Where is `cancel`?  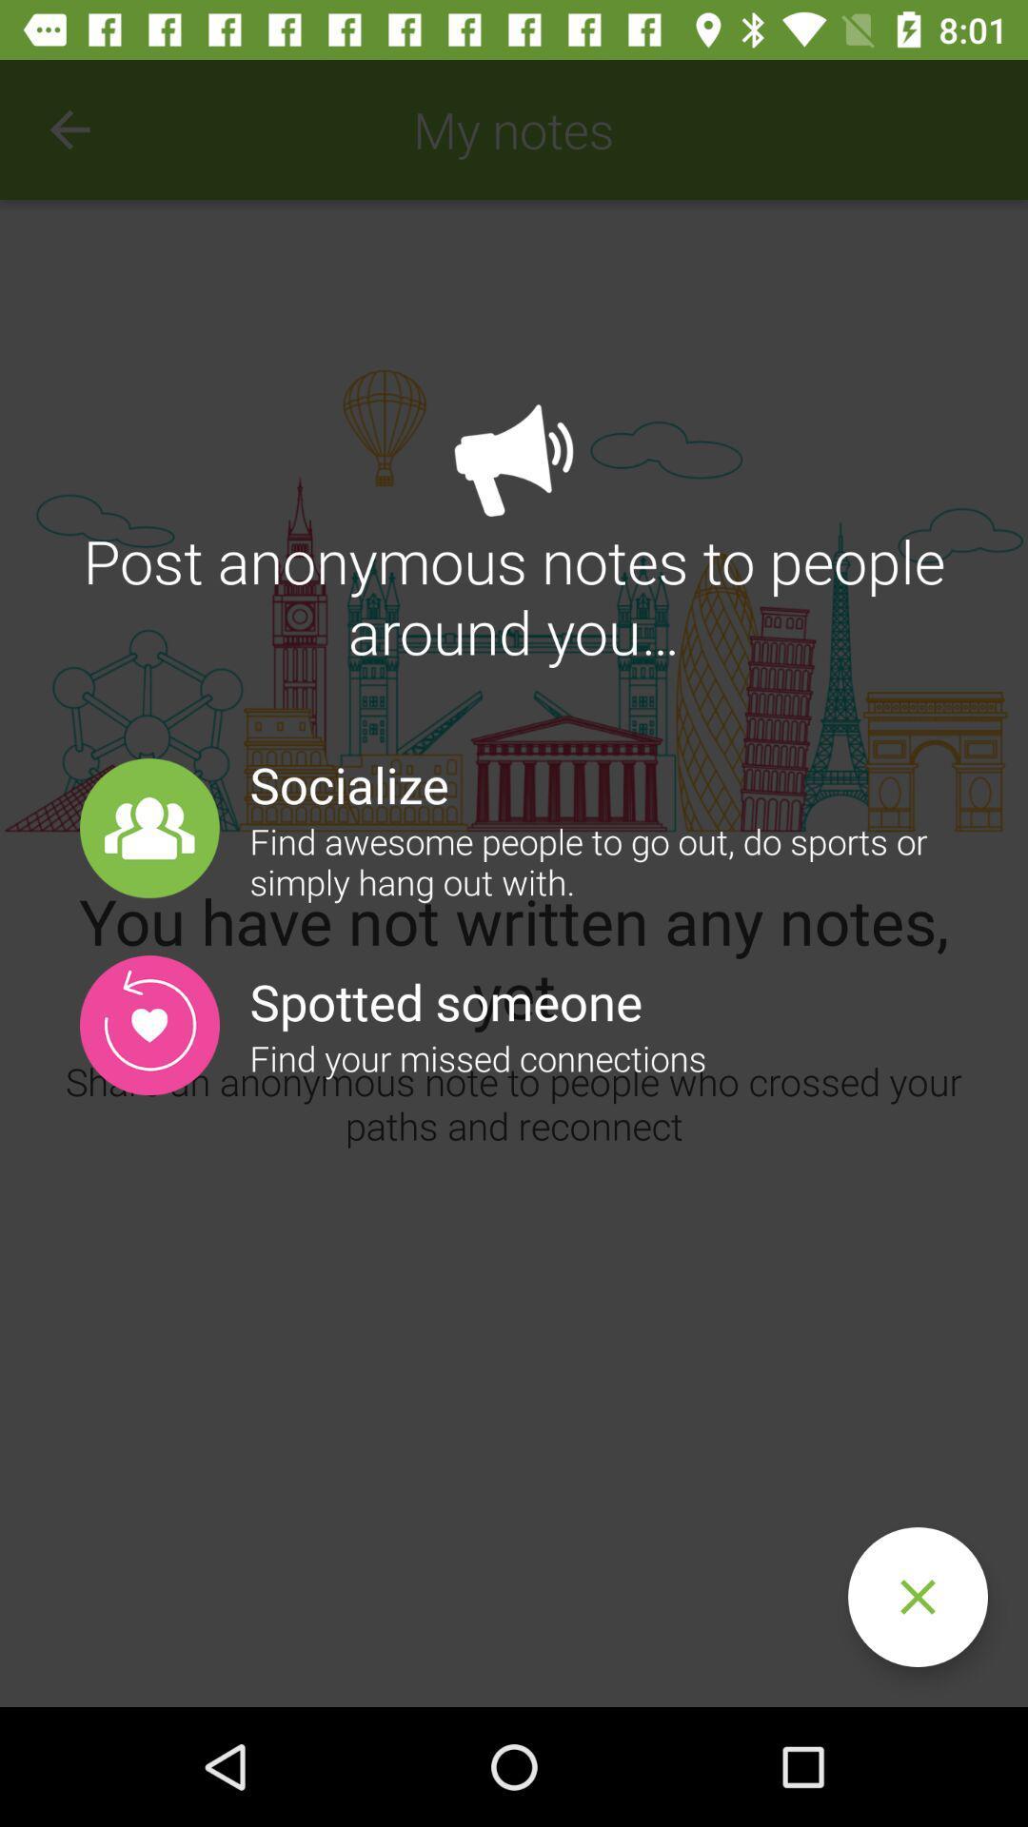
cancel is located at coordinates (917, 1597).